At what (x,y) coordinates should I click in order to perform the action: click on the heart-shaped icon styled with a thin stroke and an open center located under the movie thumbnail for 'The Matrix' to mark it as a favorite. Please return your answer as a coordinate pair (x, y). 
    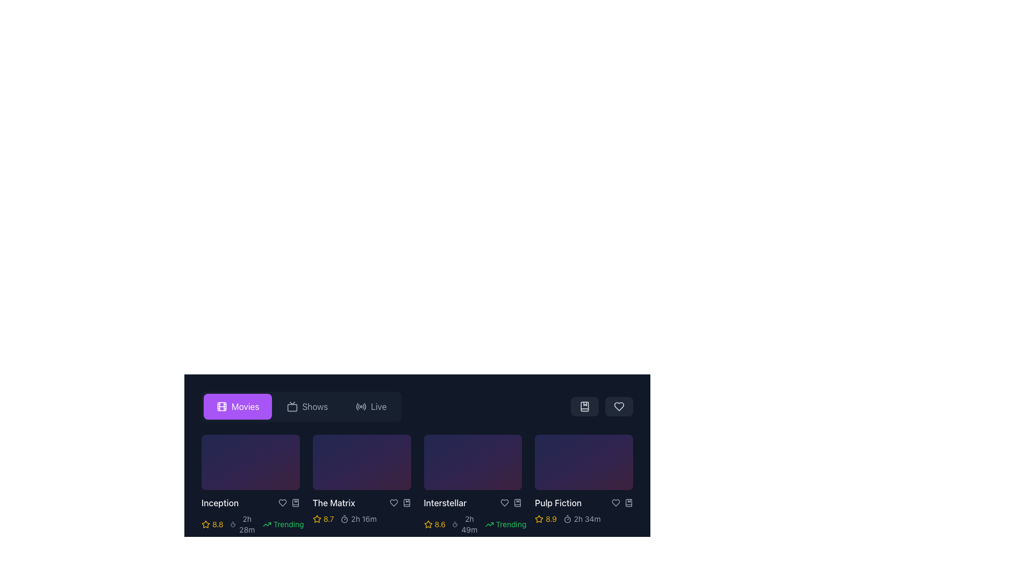
    Looking at the image, I should click on (393, 502).